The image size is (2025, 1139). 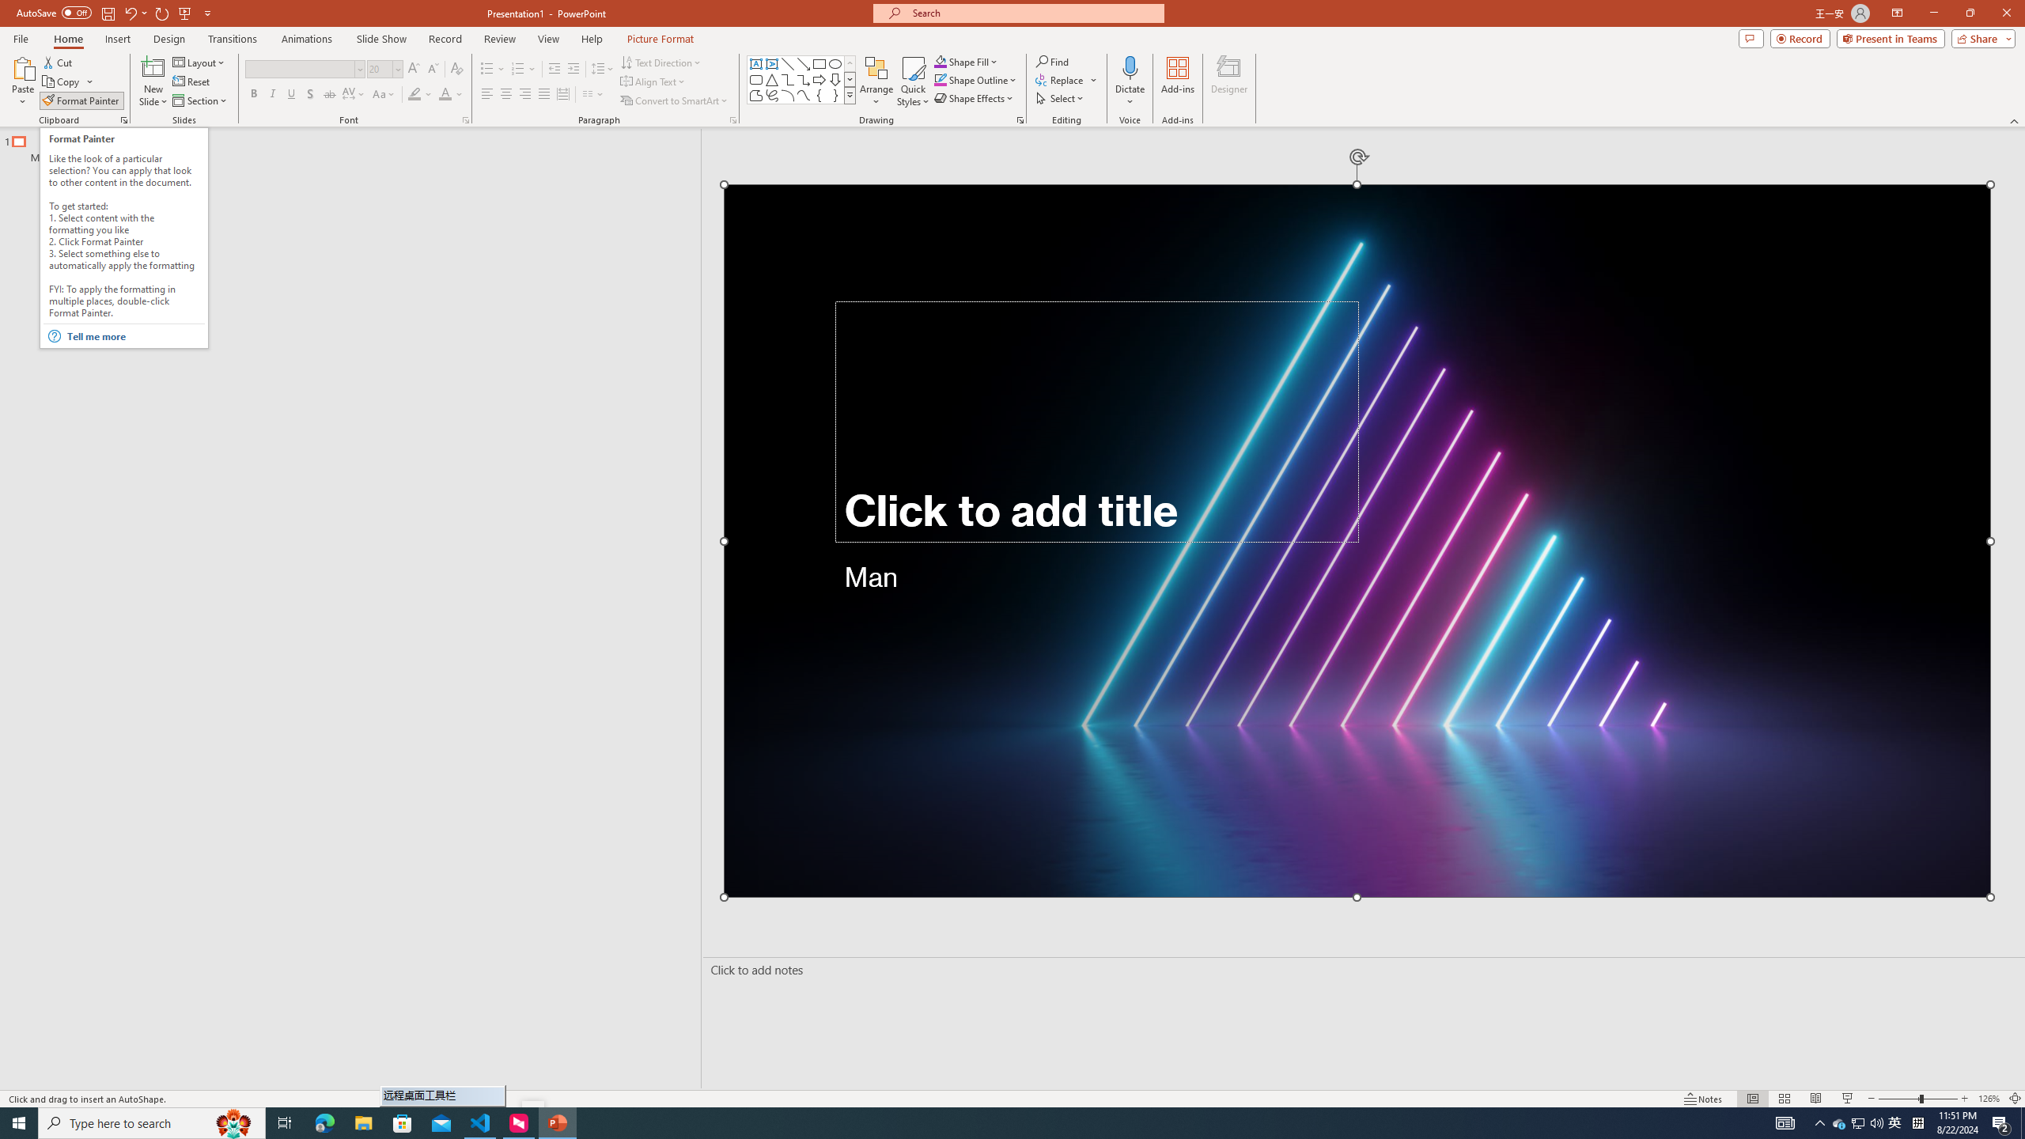 What do you see at coordinates (58, 62) in the screenshot?
I see `'Cut'` at bounding box center [58, 62].